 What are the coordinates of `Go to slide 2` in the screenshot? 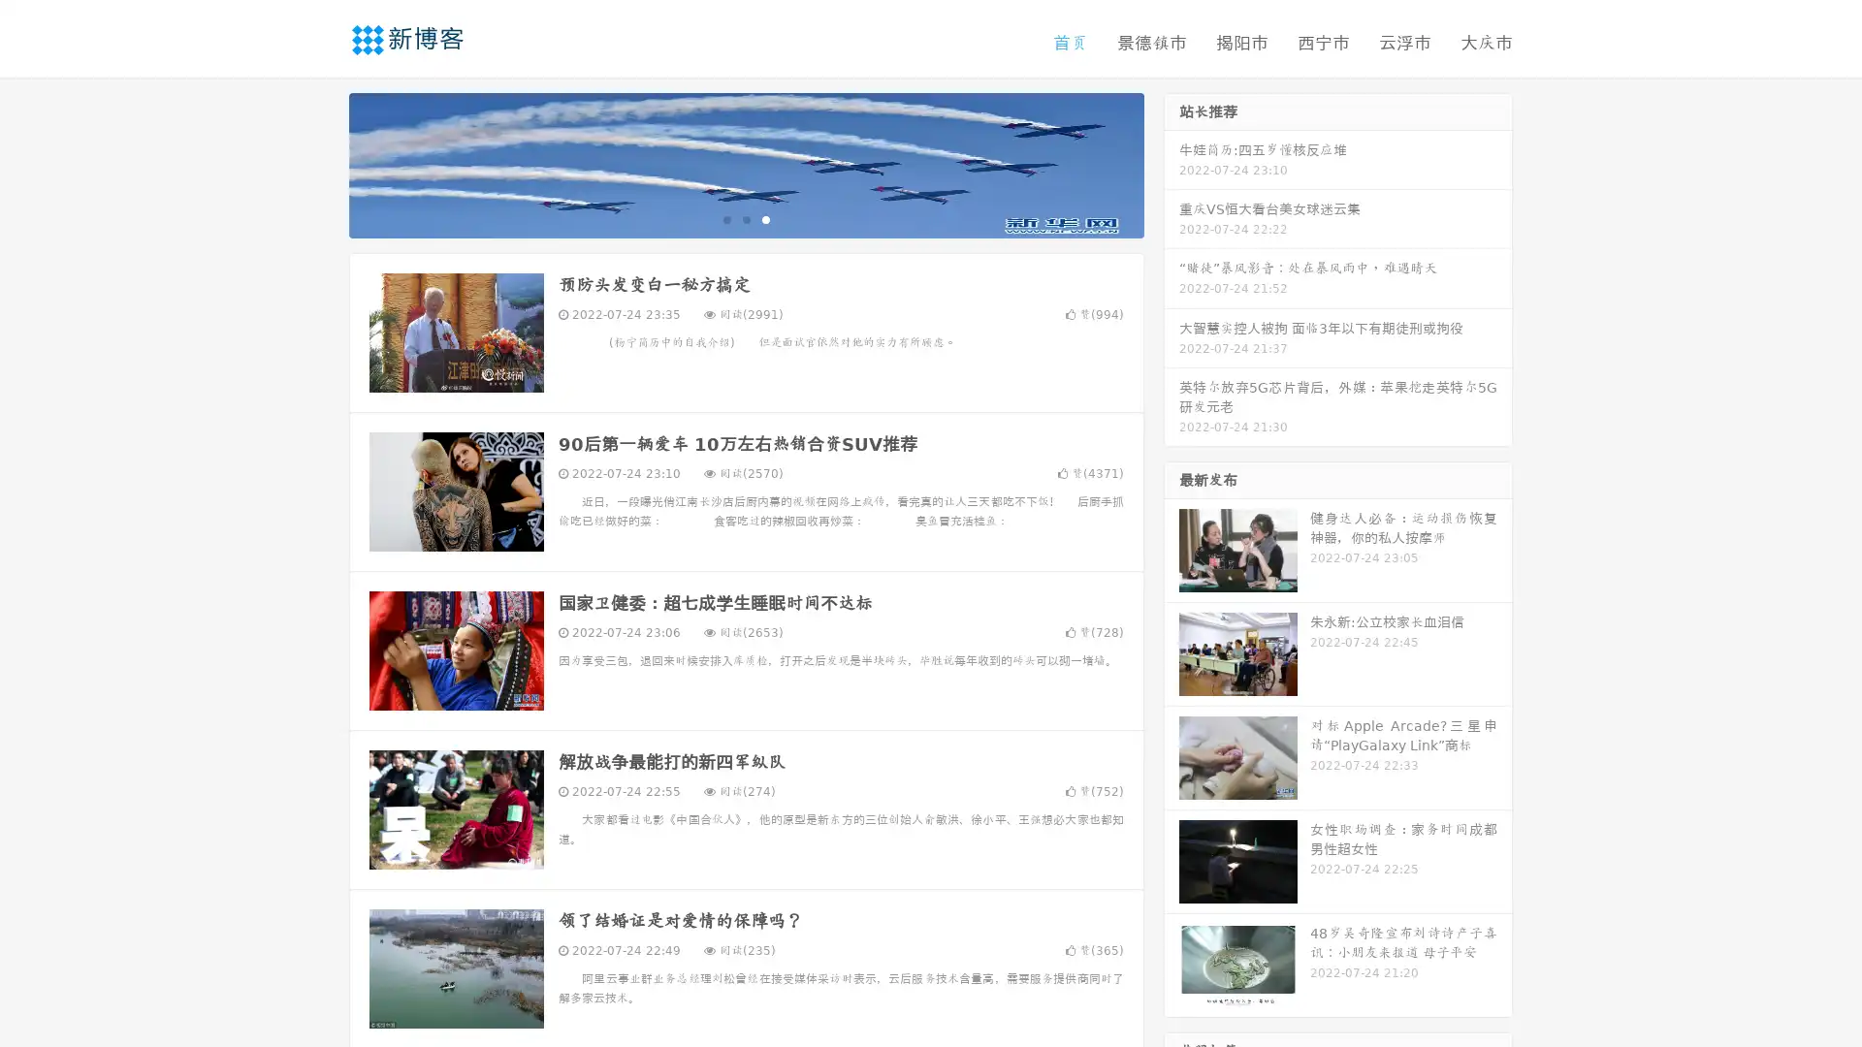 It's located at (745, 218).